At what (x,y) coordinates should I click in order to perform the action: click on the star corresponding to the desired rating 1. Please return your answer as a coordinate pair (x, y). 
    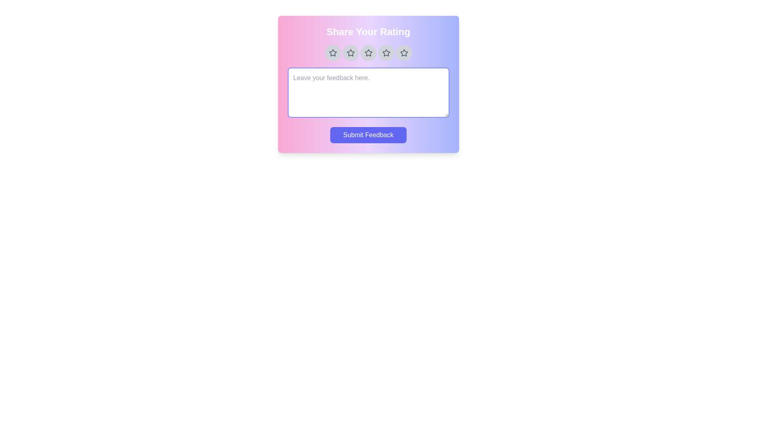
    Looking at the image, I should click on (333, 53).